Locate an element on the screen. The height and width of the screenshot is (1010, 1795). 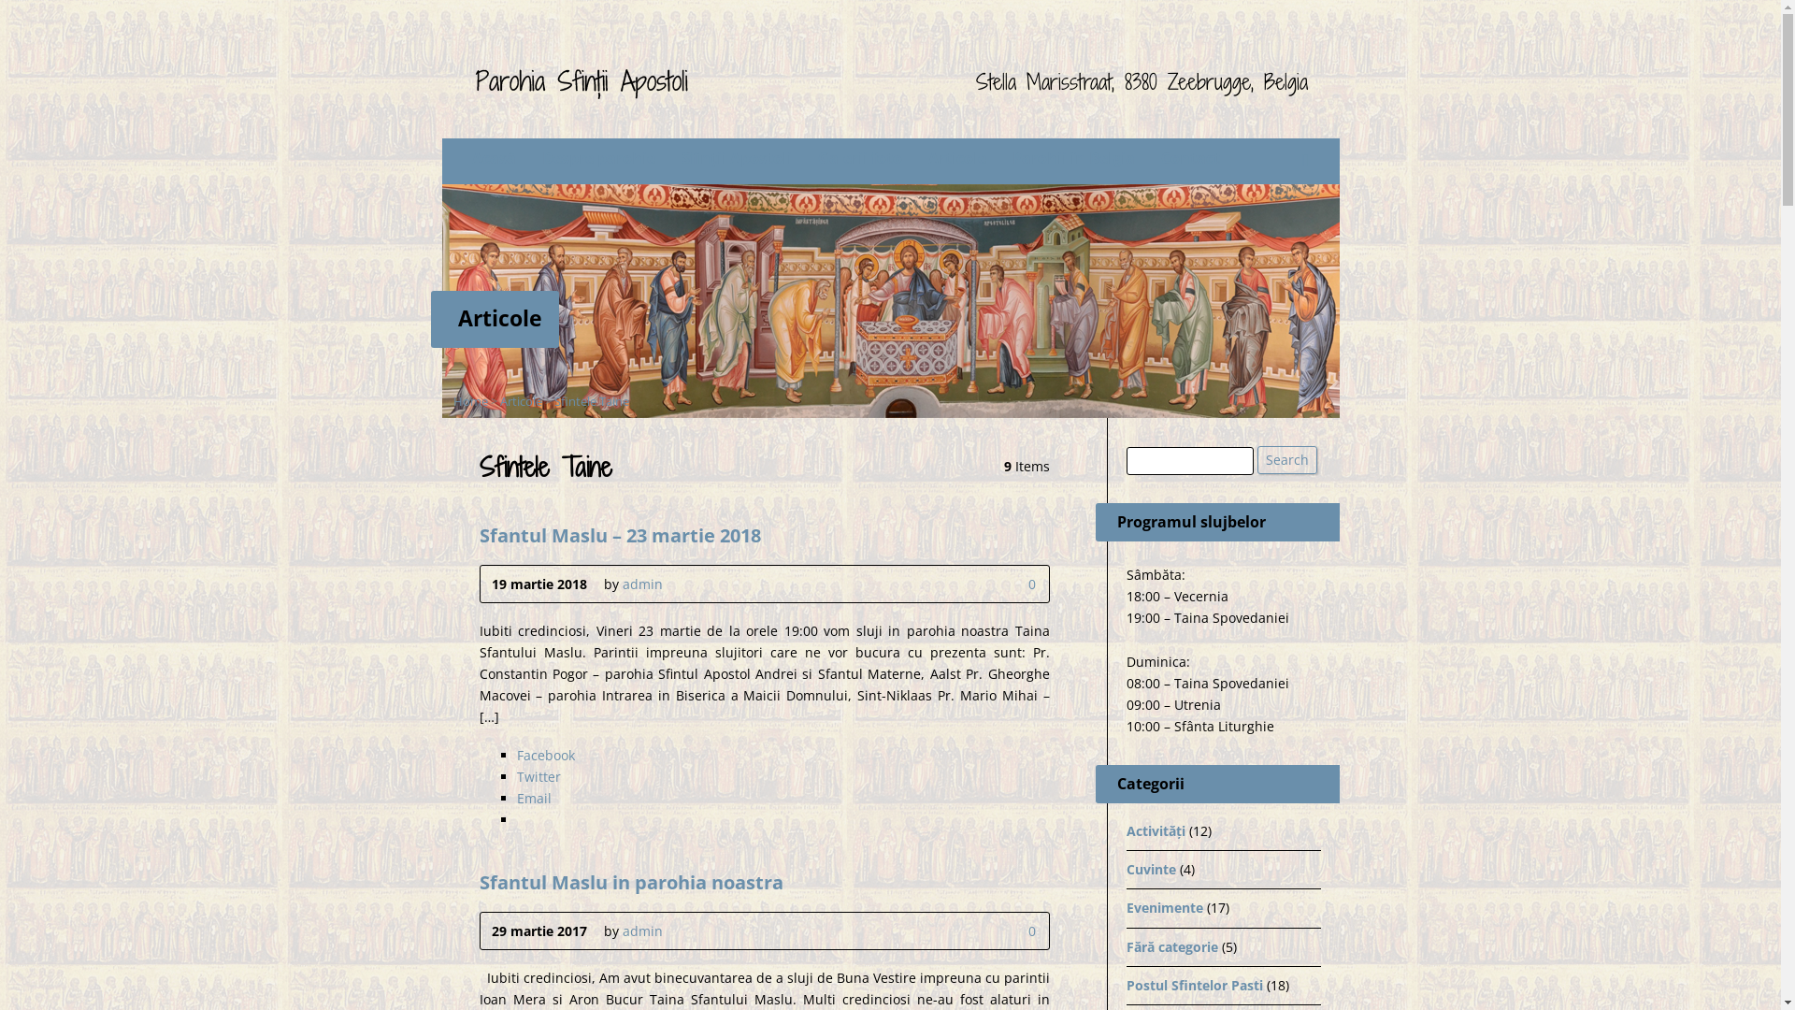
'Search' is located at coordinates (1286, 460).